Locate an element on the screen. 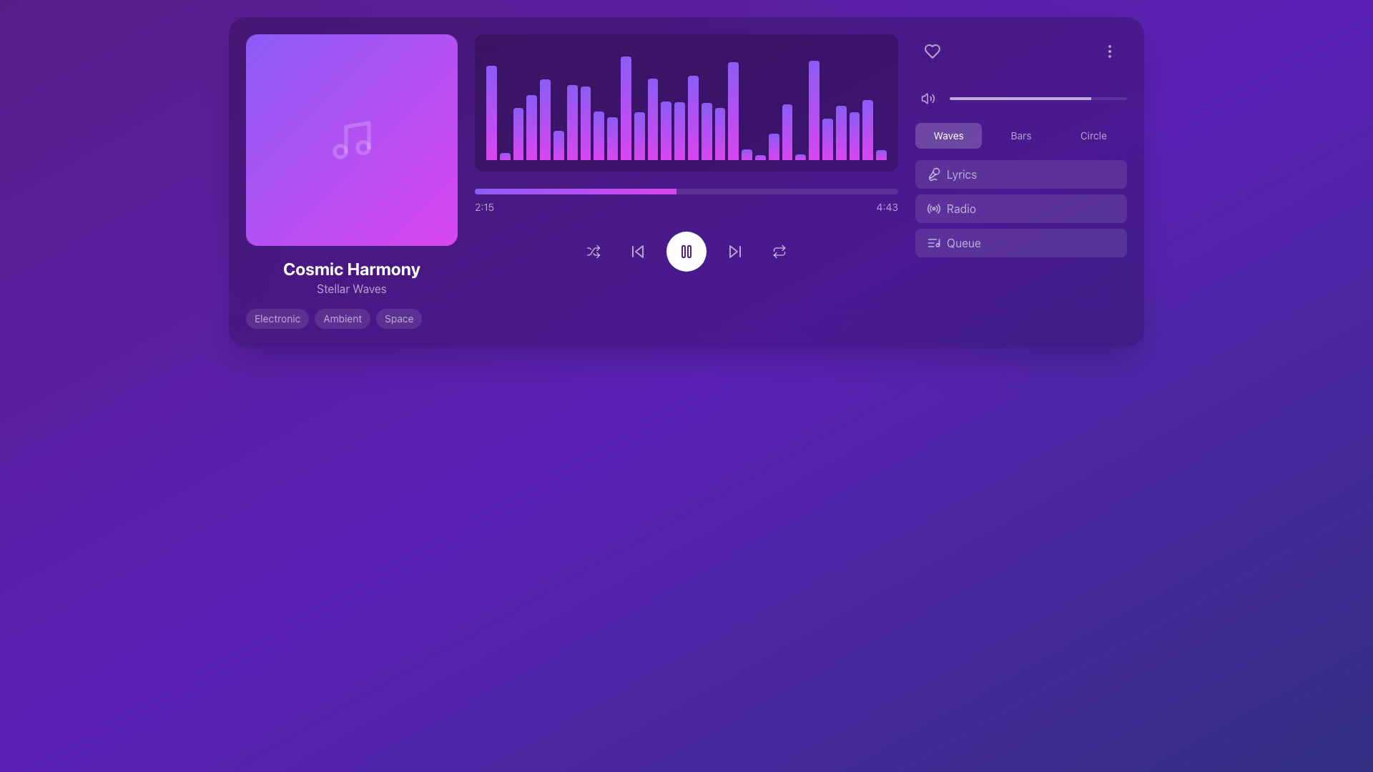 This screenshot has height=772, width=1373. the progress bar value is located at coordinates (505, 190).